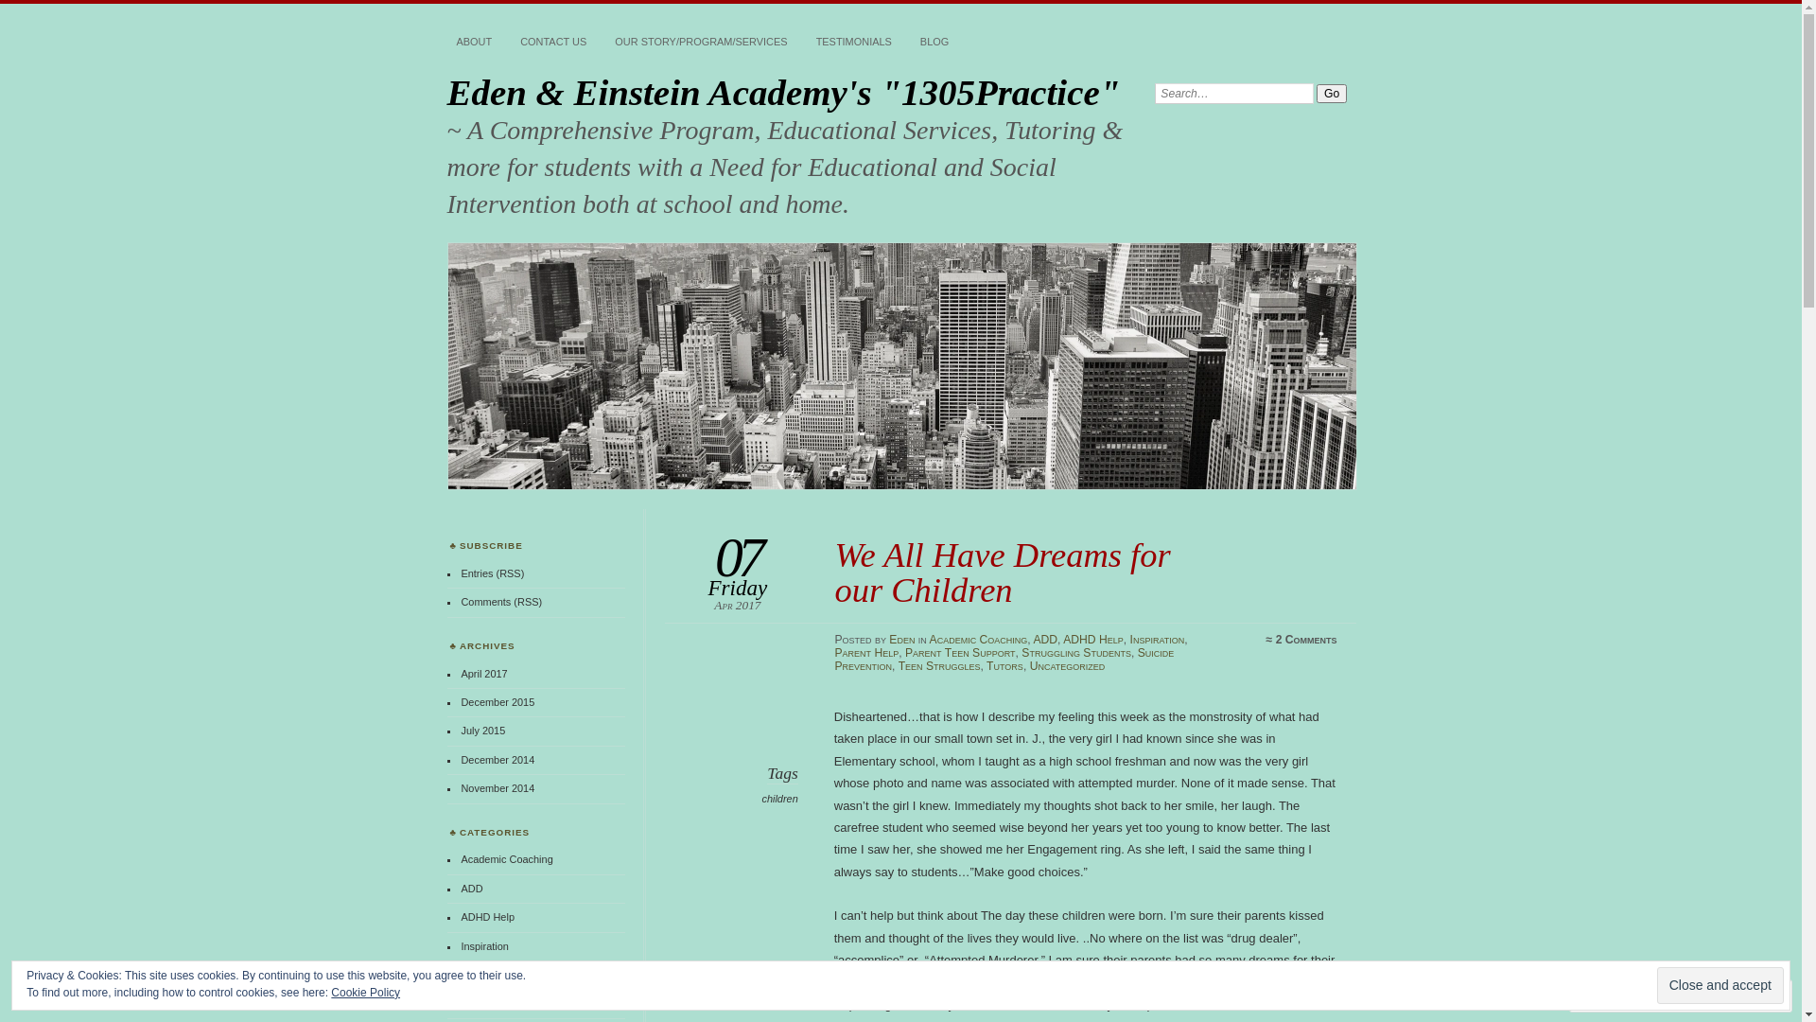 This screenshot has height=1022, width=1816. What do you see at coordinates (1075, 652) in the screenshot?
I see `'Struggling Students'` at bounding box center [1075, 652].